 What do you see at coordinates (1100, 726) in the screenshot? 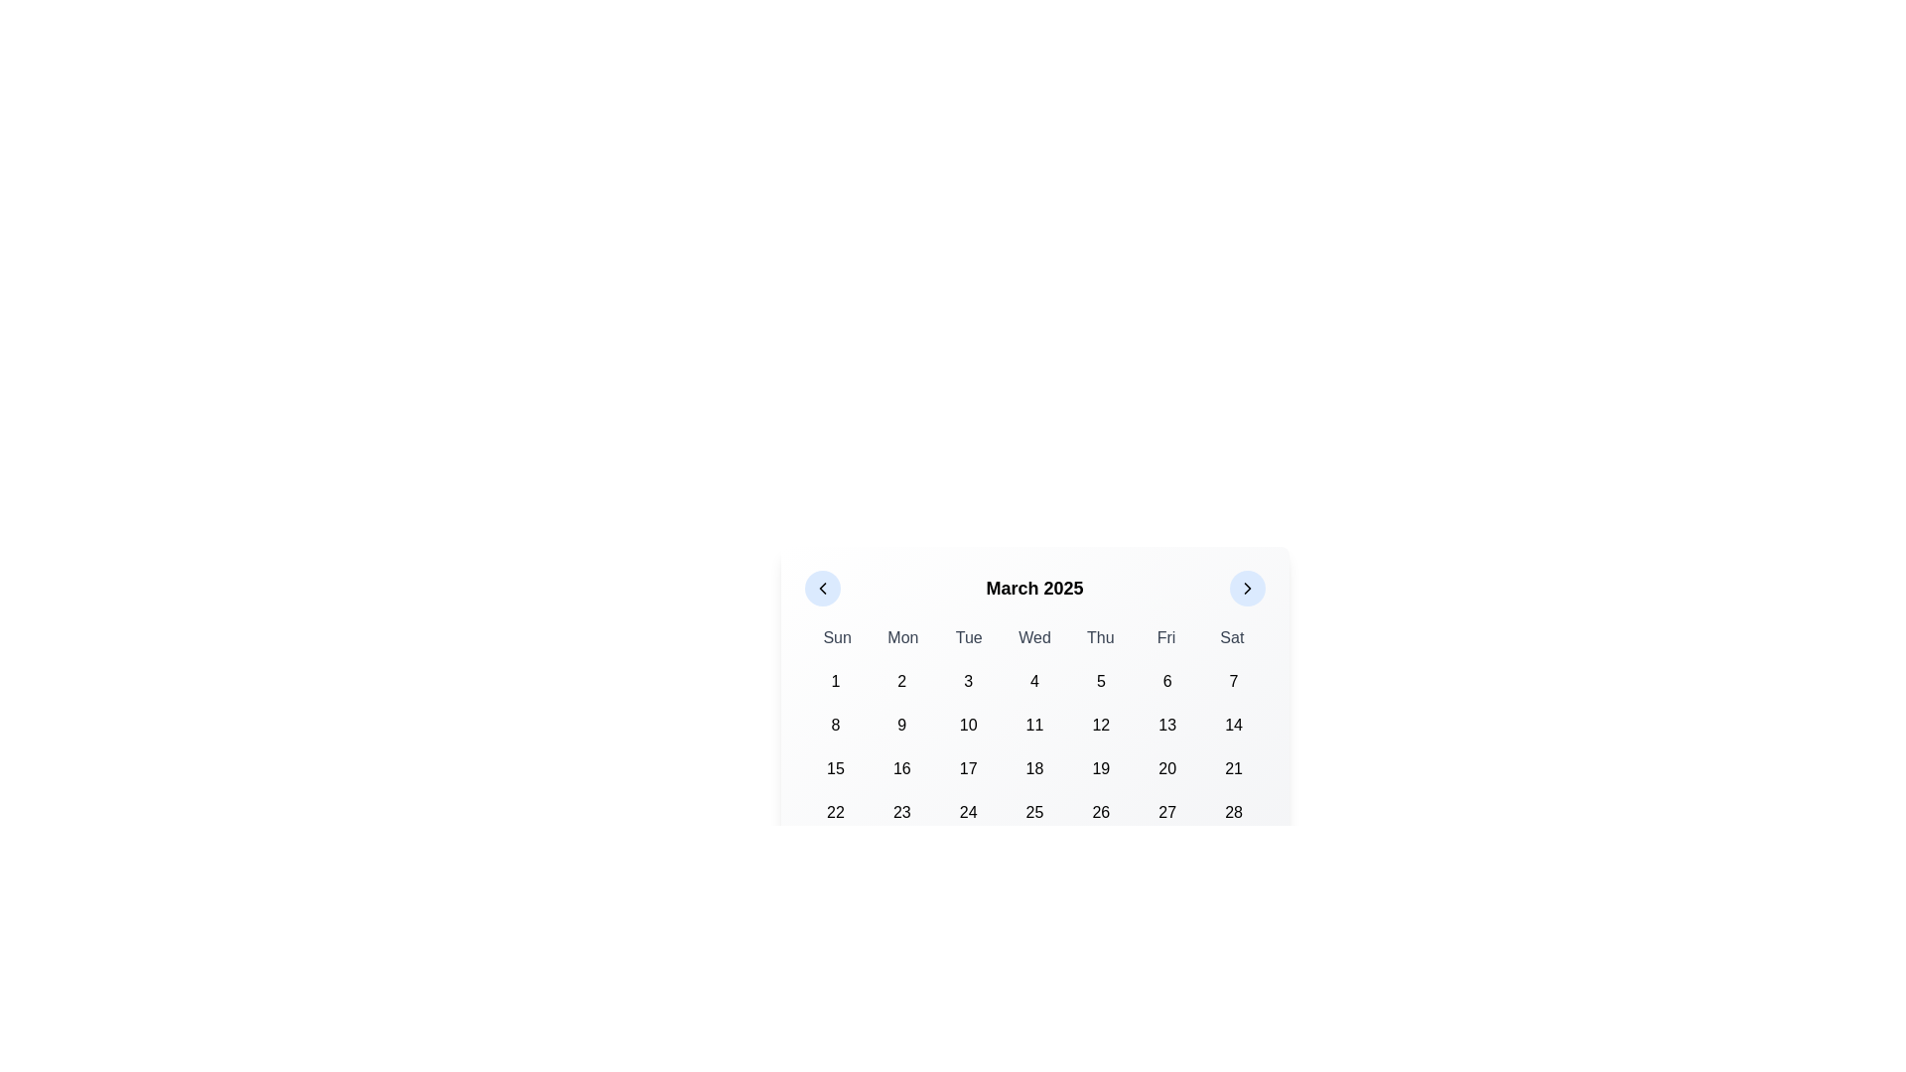
I see `the button displaying '12' in bold black font, located in the second row and fifth column of the calendar grid, to observe the hover effect` at bounding box center [1100, 726].